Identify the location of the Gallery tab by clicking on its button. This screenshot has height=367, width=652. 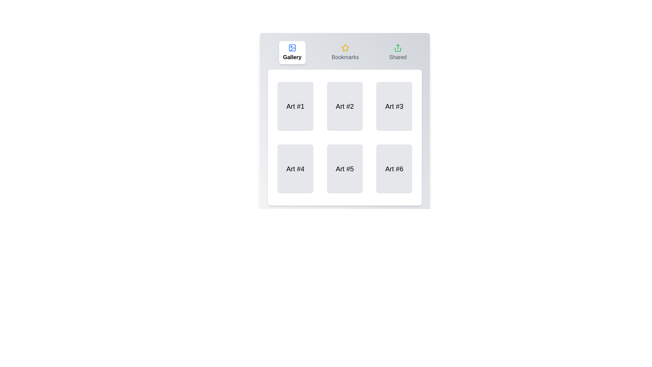
(292, 52).